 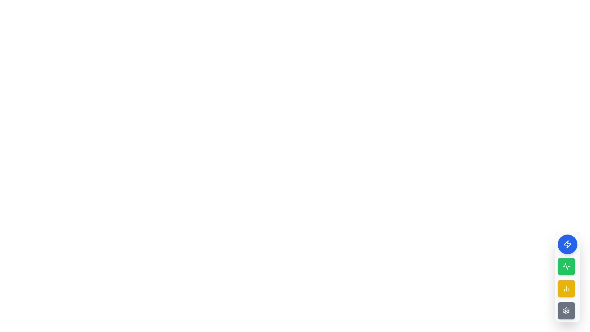 I want to click on the yellow square-shaped button with a minimalist white chart icon, located below the green button in a vertical stack of buttons on the right side of the interface, so click(x=566, y=288).